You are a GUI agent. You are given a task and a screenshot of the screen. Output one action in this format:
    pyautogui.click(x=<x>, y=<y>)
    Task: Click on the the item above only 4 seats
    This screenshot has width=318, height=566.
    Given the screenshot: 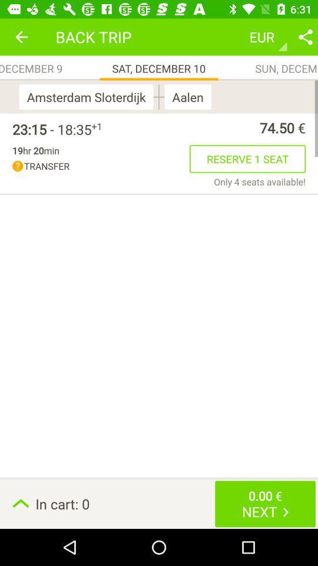 What is the action you would take?
    pyautogui.click(x=247, y=158)
    